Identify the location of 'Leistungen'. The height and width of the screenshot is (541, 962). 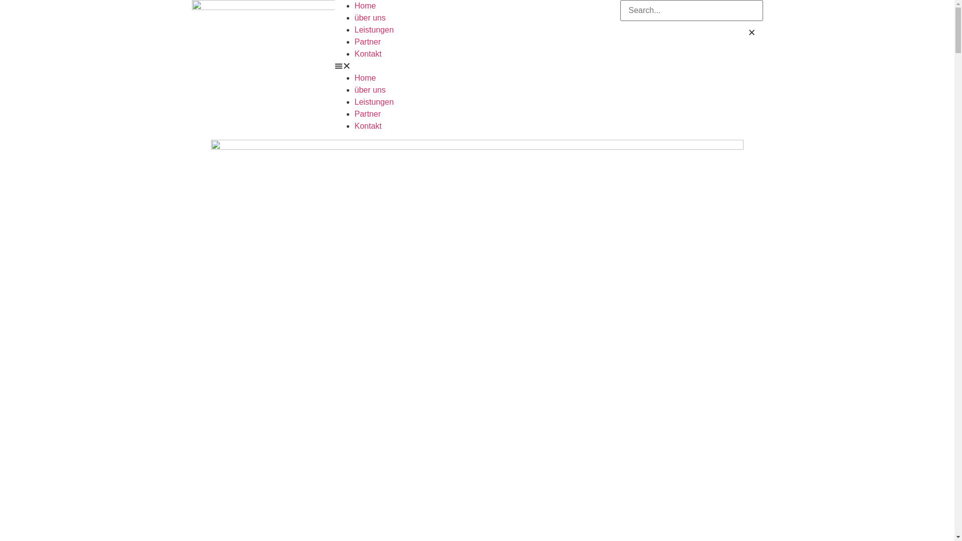
(355, 102).